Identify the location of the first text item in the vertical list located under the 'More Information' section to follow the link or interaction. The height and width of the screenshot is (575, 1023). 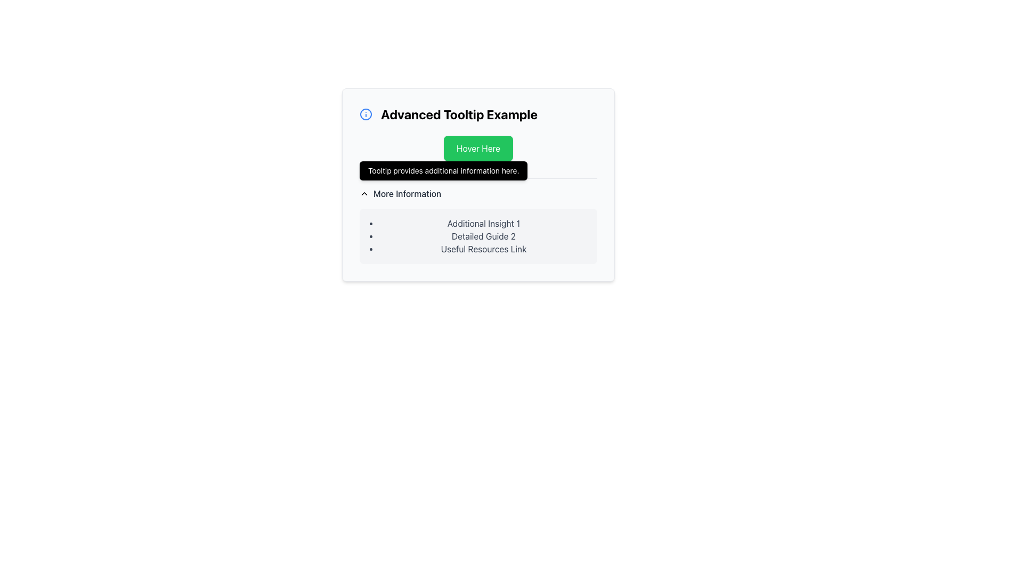
(483, 223).